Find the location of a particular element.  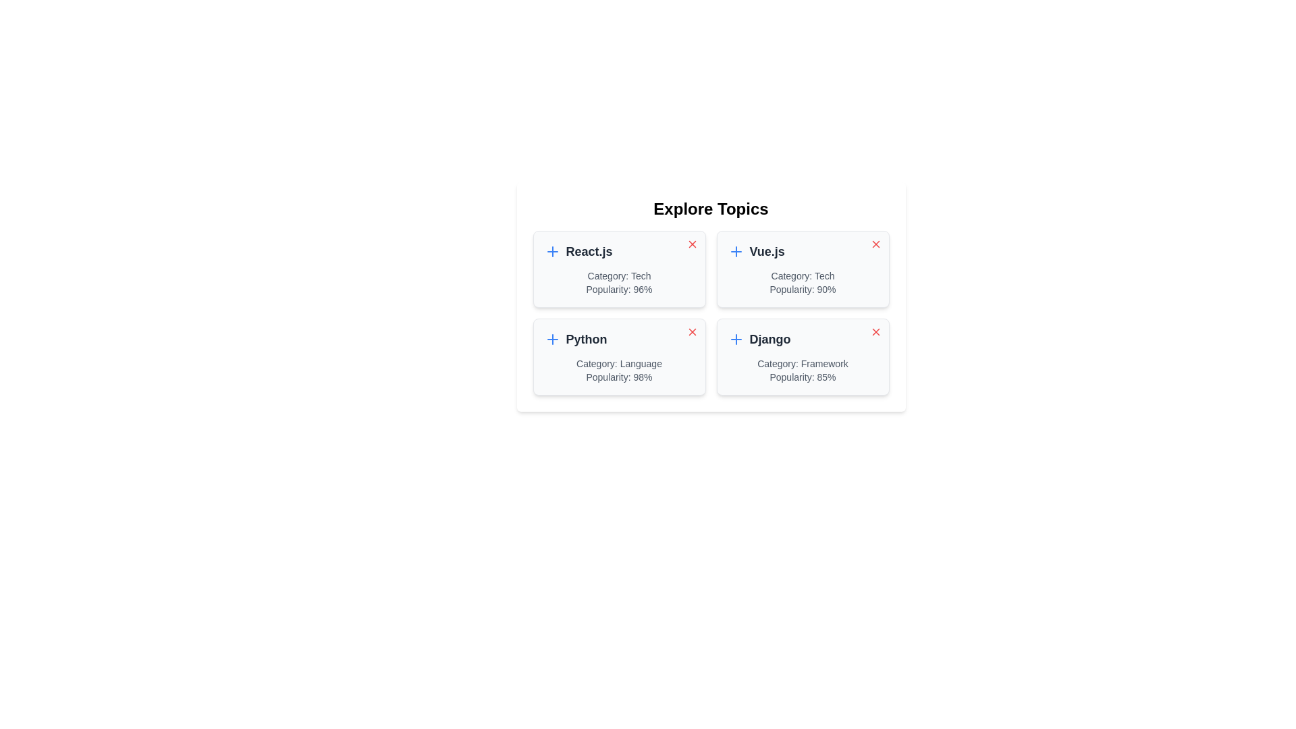

close button of the item labeled Django is located at coordinates (875, 332).